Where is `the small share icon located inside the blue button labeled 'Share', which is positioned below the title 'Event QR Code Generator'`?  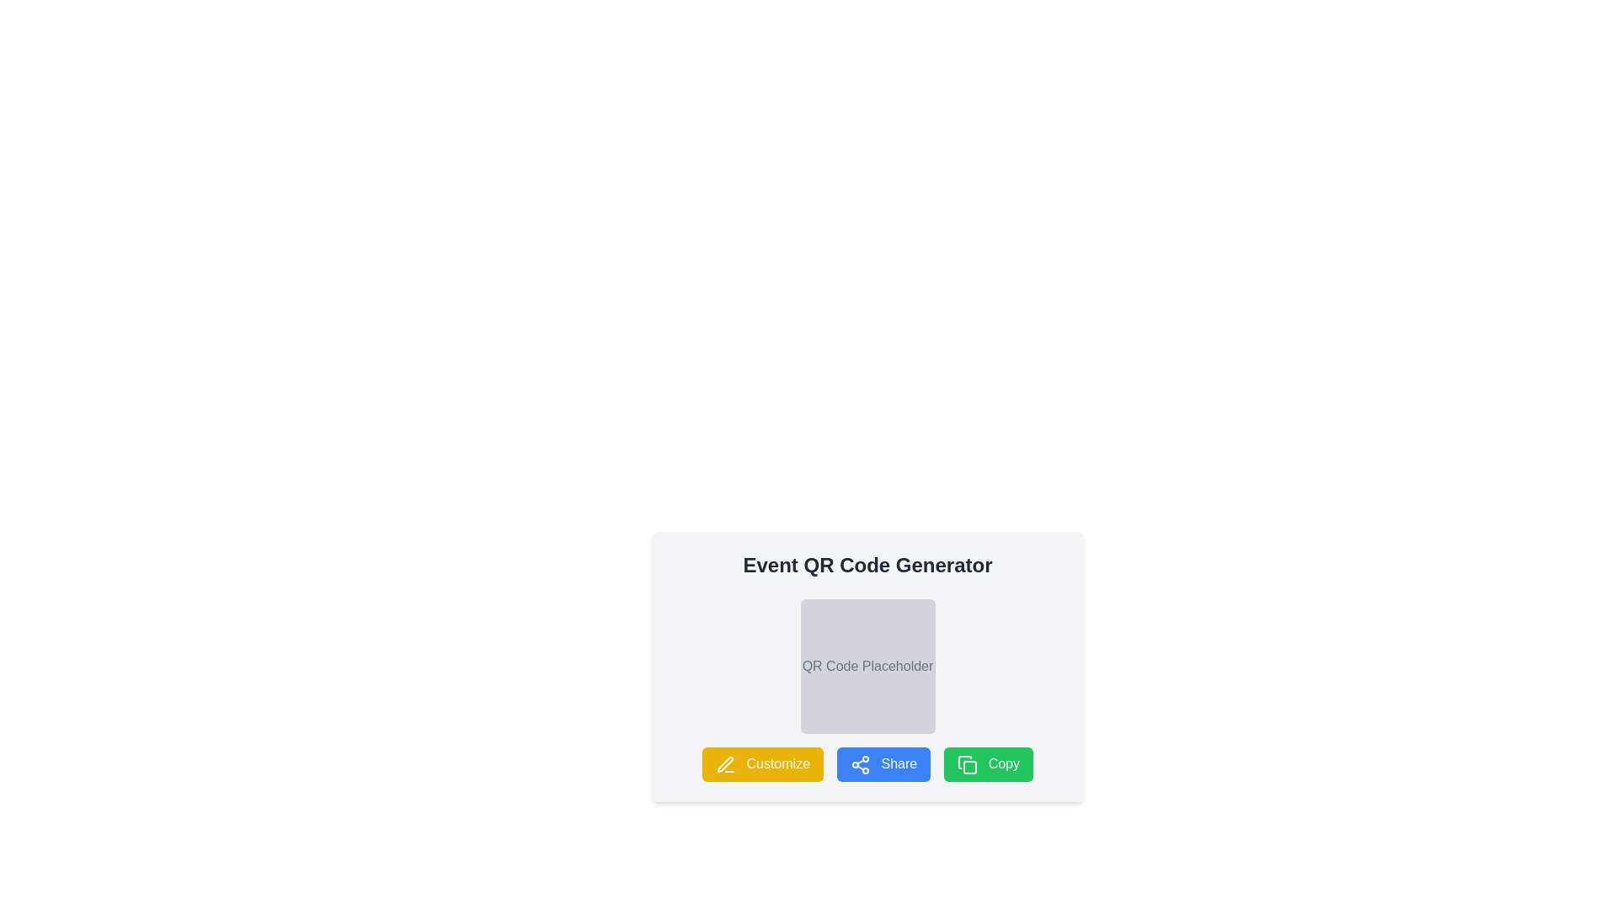
the small share icon located inside the blue button labeled 'Share', which is positioned below the title 'Event QR Code Generator' is located at coordinates (861, 764).